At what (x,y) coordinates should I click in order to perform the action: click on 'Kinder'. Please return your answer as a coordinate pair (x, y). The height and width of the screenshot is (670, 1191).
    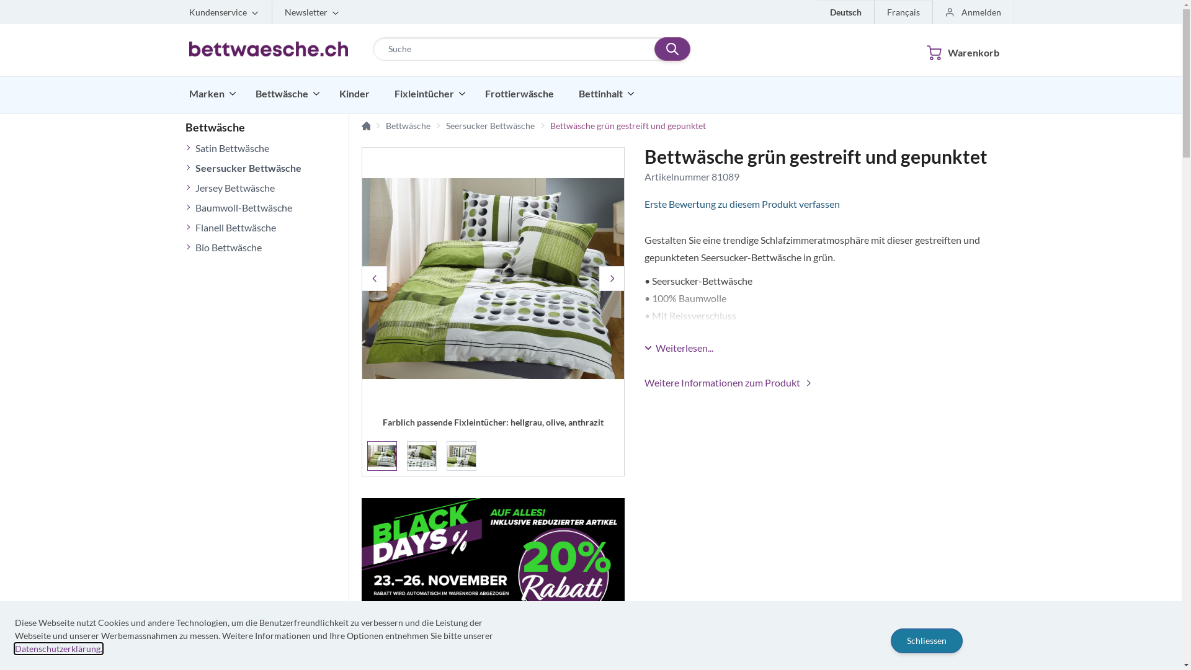
    Looking at the image, I should click on (356, 92).